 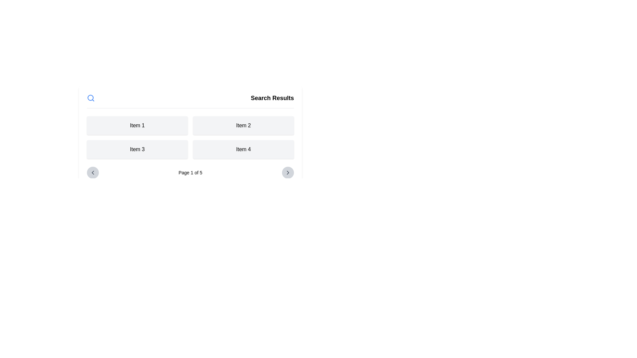 I want to click on the navigation button located at the far right of the layout, so click(x=288, y=172).